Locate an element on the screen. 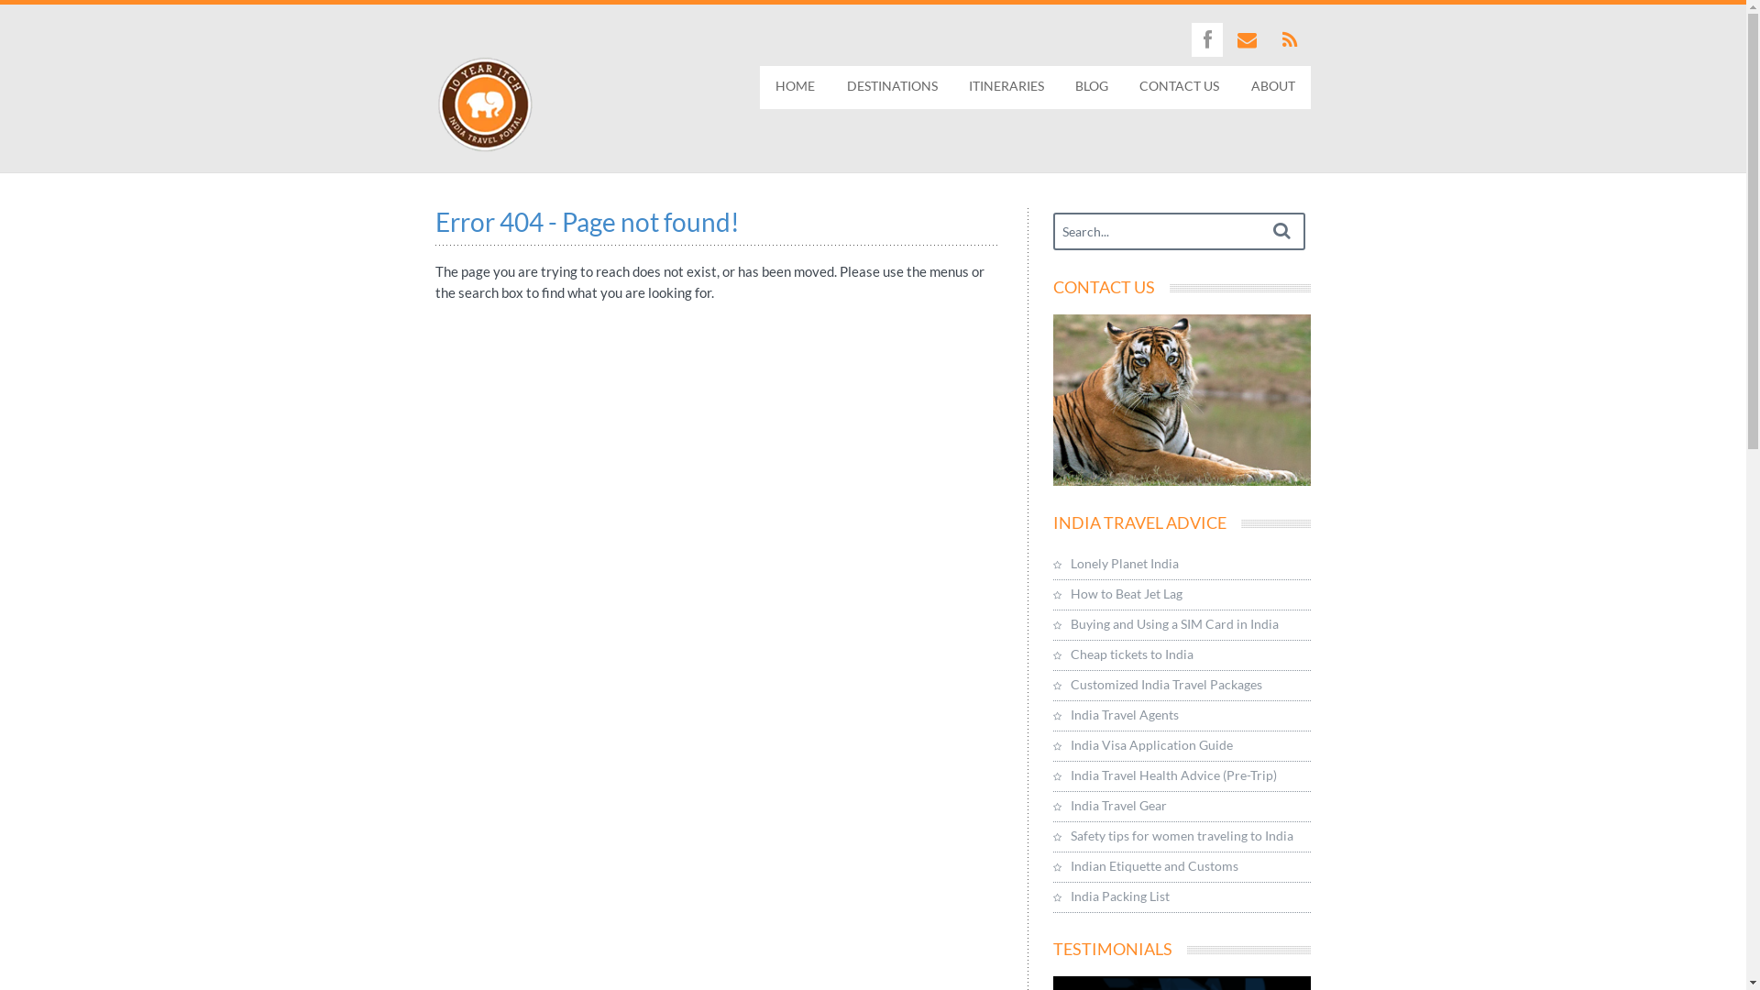 Image resolution: width=1760 pixels, height=990 pixels. 'How to Beat Jet Lag' is located at coordinates (1052, 595).